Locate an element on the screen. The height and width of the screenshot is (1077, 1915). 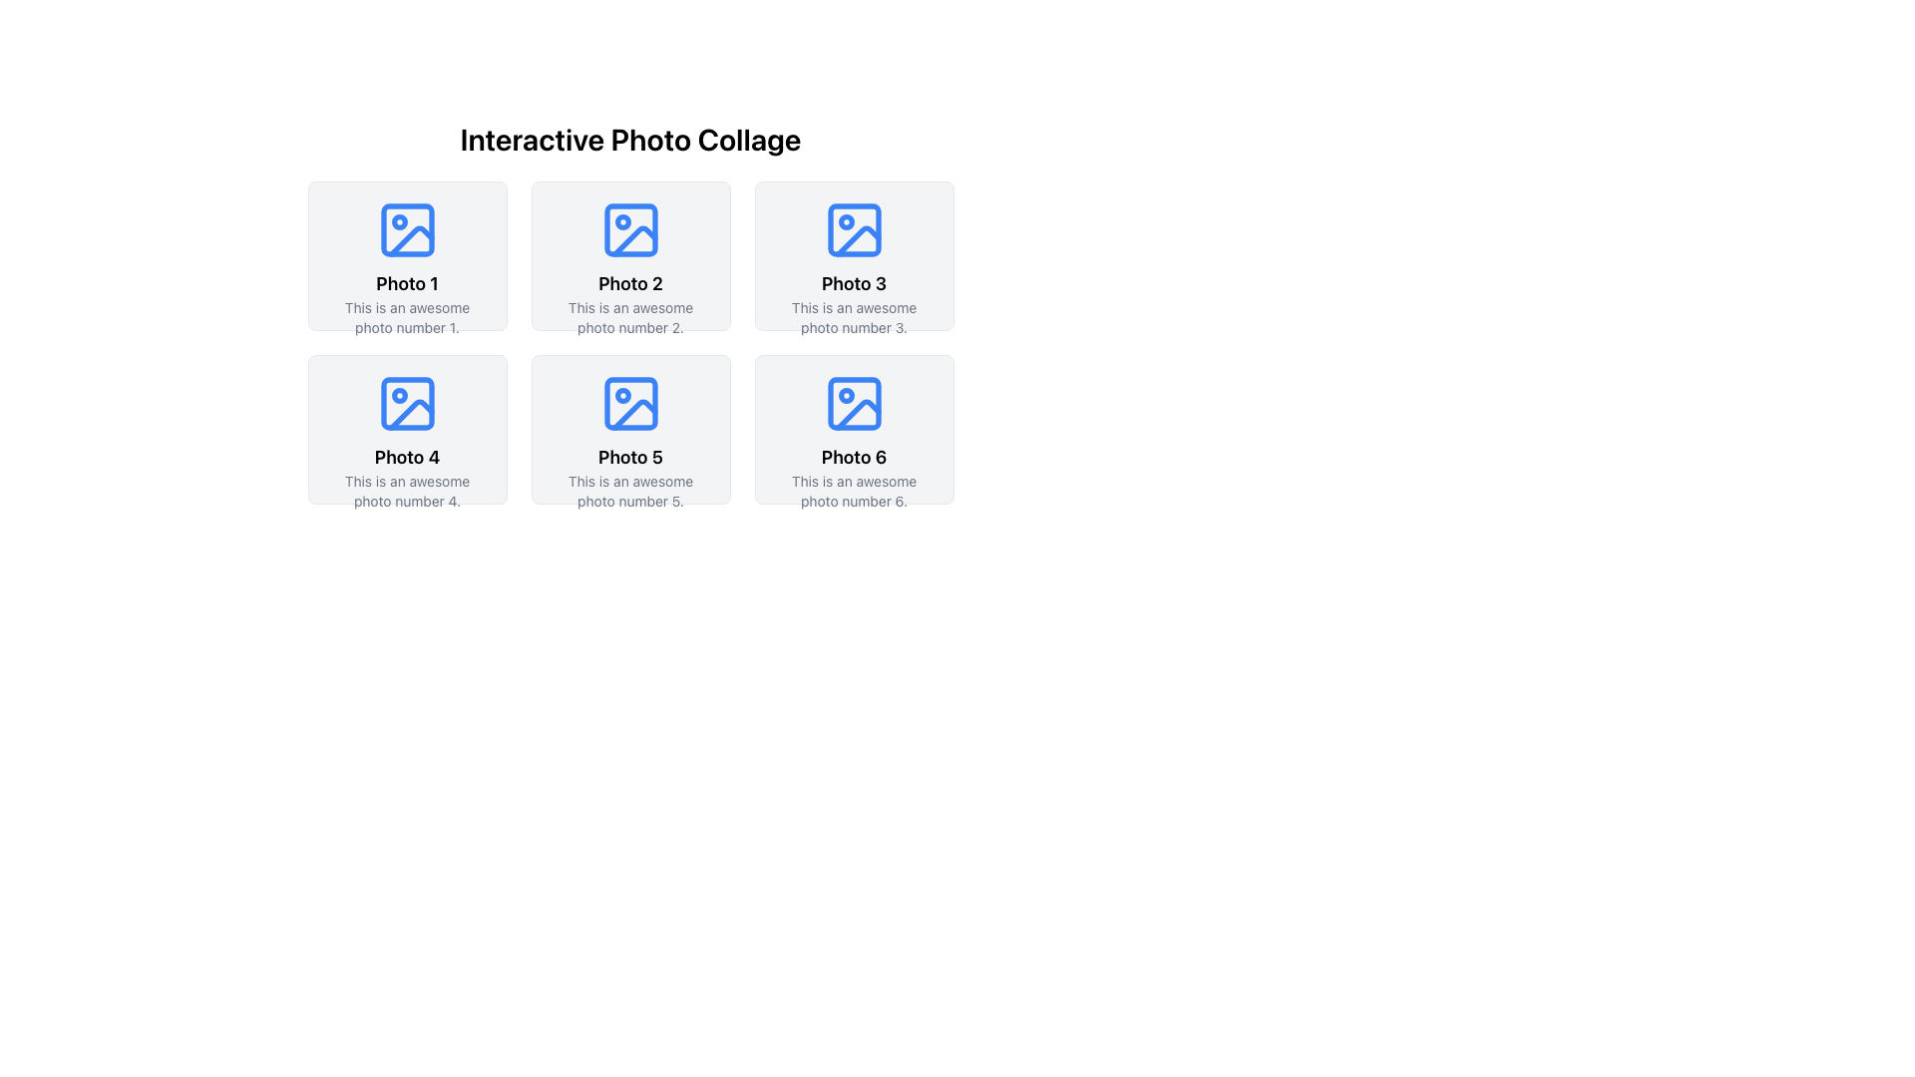
the magnifying glass icon with a '+' symbol in the 'Photo 6' grid entry, which indicates a zoom-in action is located at coordinates (854, 429).